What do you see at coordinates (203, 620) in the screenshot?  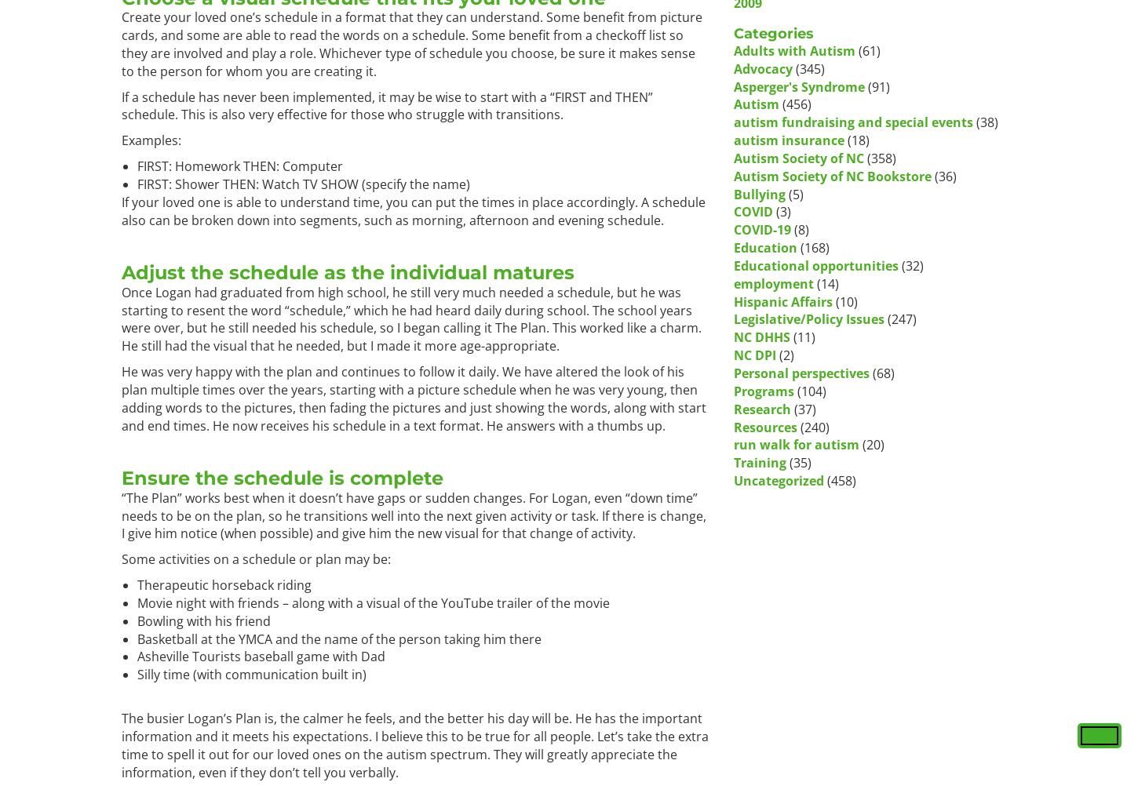 I see `'Bowling with his friend'` at bounding box center [203, 620].